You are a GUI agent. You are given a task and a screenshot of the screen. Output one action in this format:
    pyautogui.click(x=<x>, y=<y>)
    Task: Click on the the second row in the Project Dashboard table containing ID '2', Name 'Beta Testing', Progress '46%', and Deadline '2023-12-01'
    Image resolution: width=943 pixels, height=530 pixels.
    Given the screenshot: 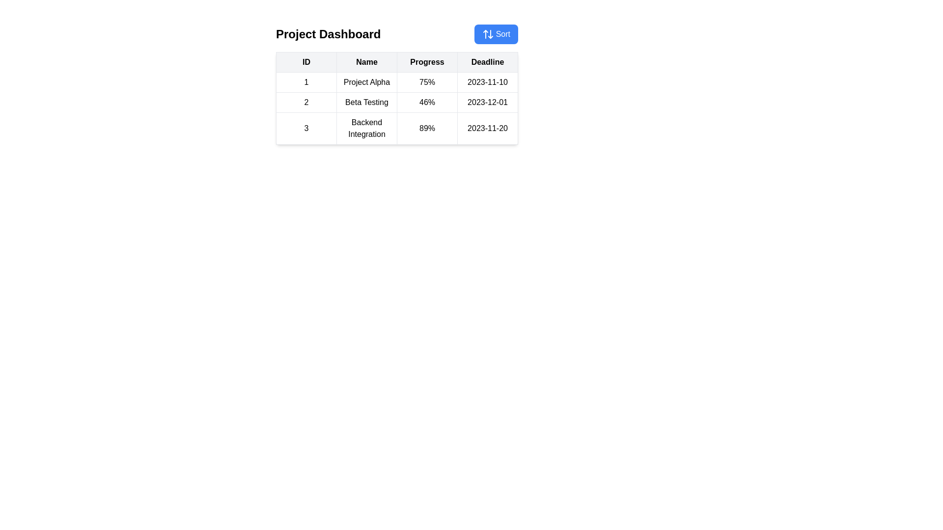 What is the action you would take?
    pyautogui.click(x=397, y=102)
    